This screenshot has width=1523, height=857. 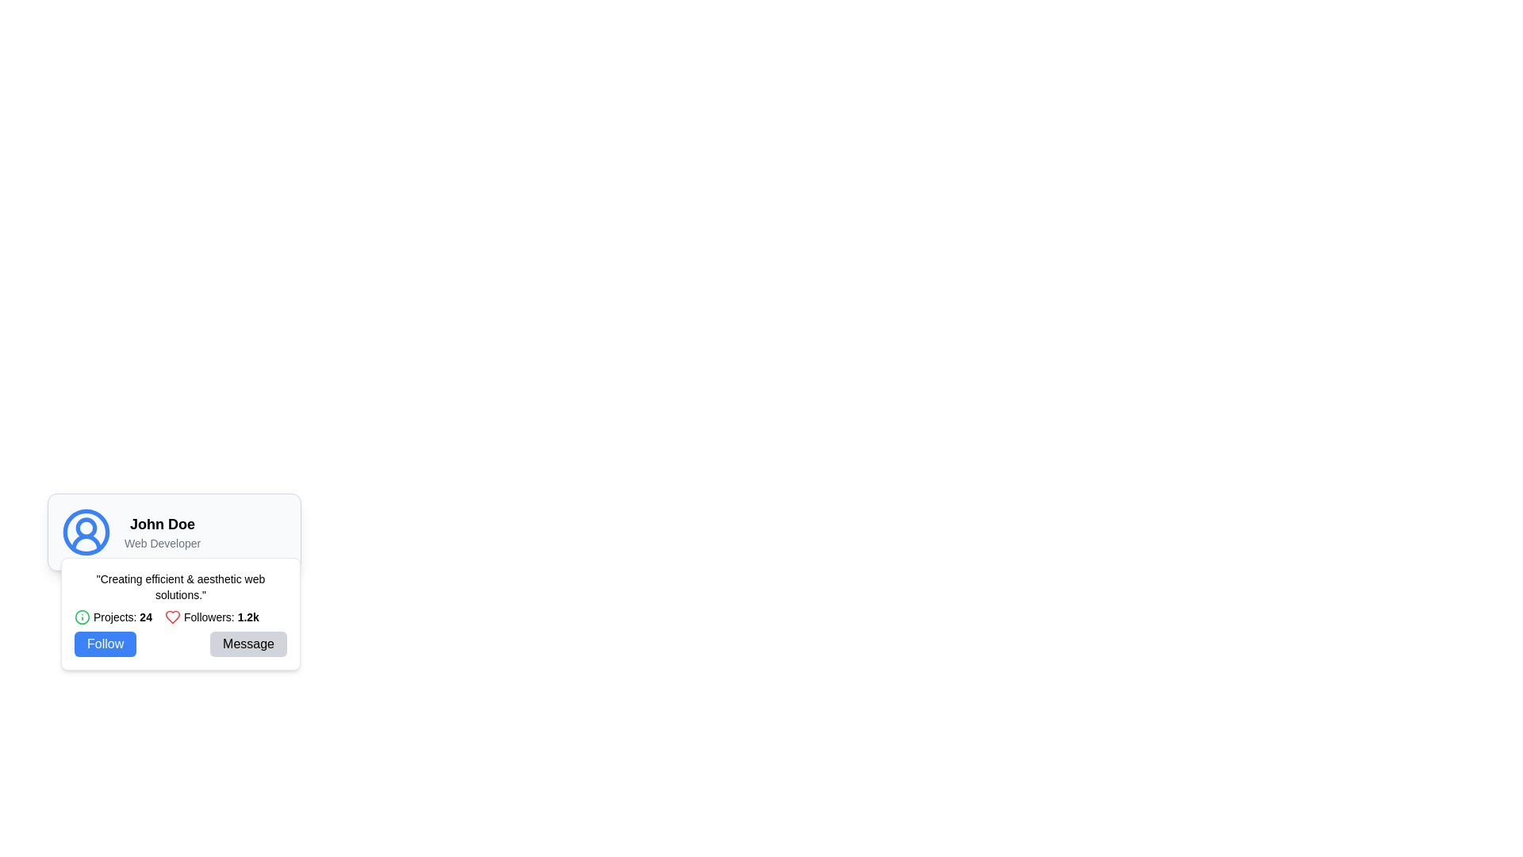 What do you see at coordinates (172, 617) in the screenshot?
I see `the heart icon located to the left of the 'Followers: 1.2k' text` at bounding box center [172, 617].